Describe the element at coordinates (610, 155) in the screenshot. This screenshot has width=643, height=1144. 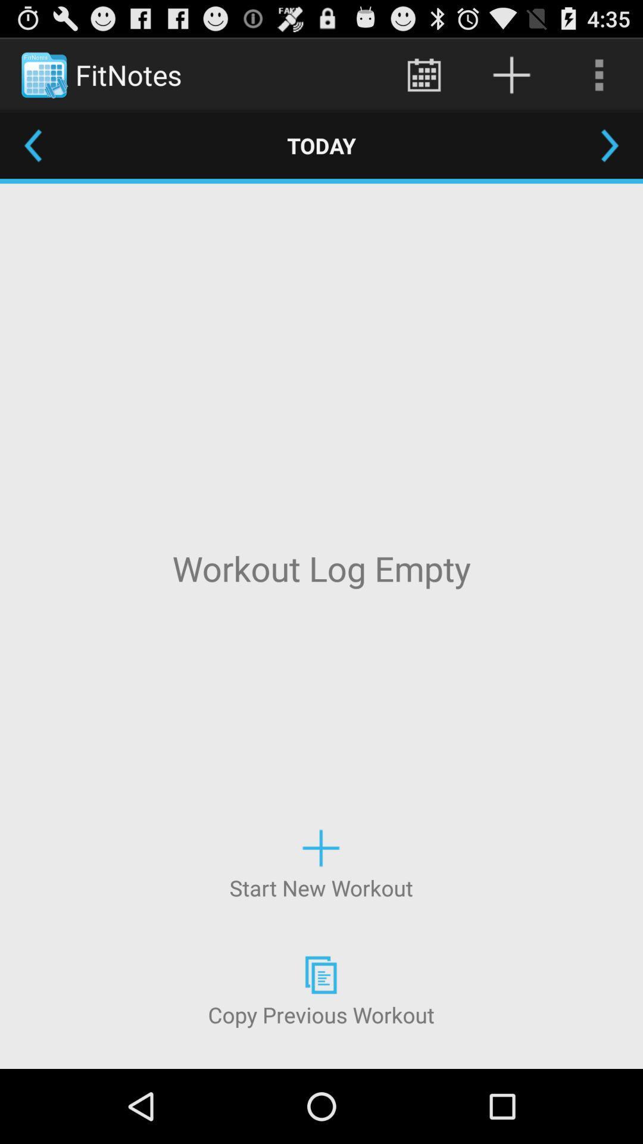
I see `the arrow_forward icon` at that location.